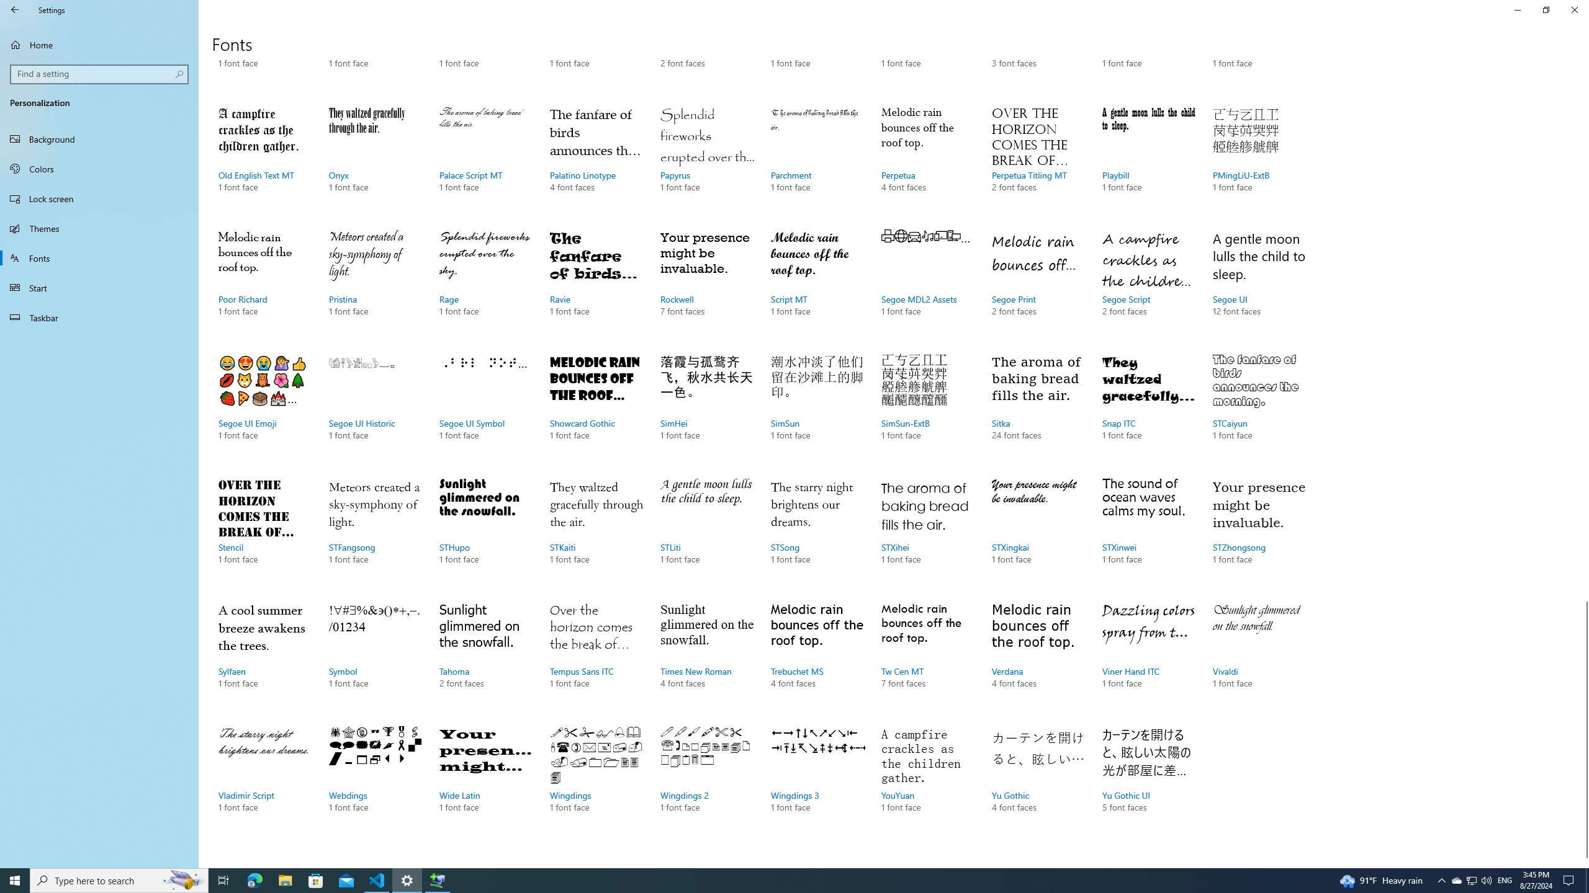 The width and height of the screenshot is (1589, 893). What do you see at coordinates (99, 287) in the screenshot?
I see `'Start'` at bounding box center [99, 287].